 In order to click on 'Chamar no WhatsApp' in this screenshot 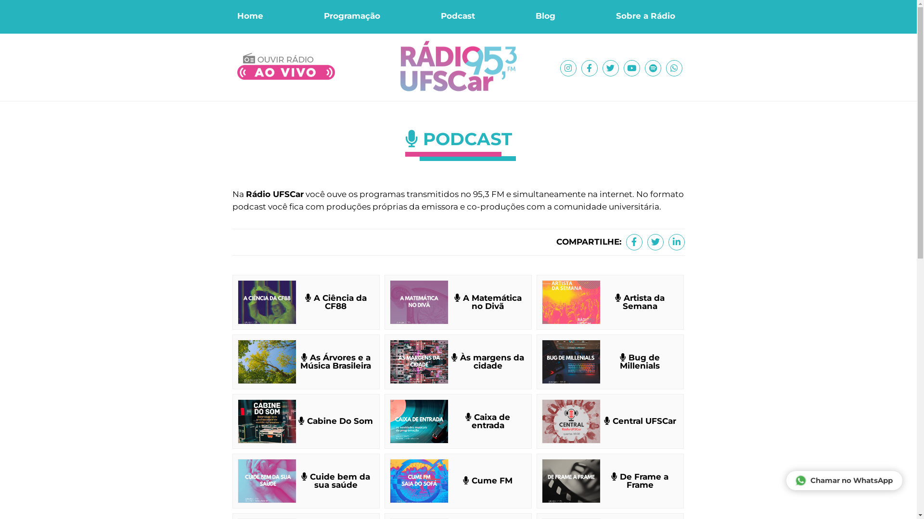, I will do `click(786, 480)`.